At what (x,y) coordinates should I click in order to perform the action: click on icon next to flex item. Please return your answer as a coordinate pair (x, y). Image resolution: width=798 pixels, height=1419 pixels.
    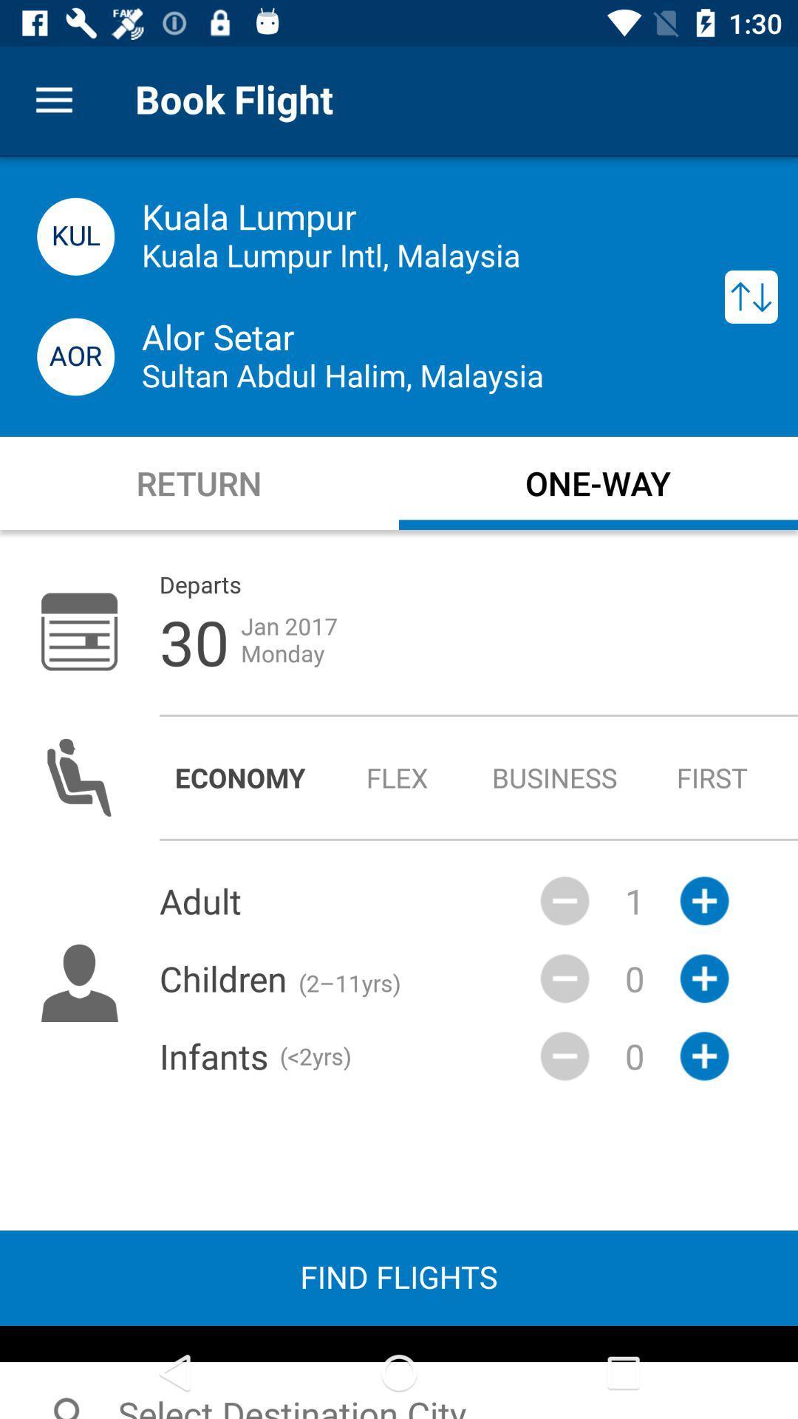
    Looking at the image, I should click on (555, 777).